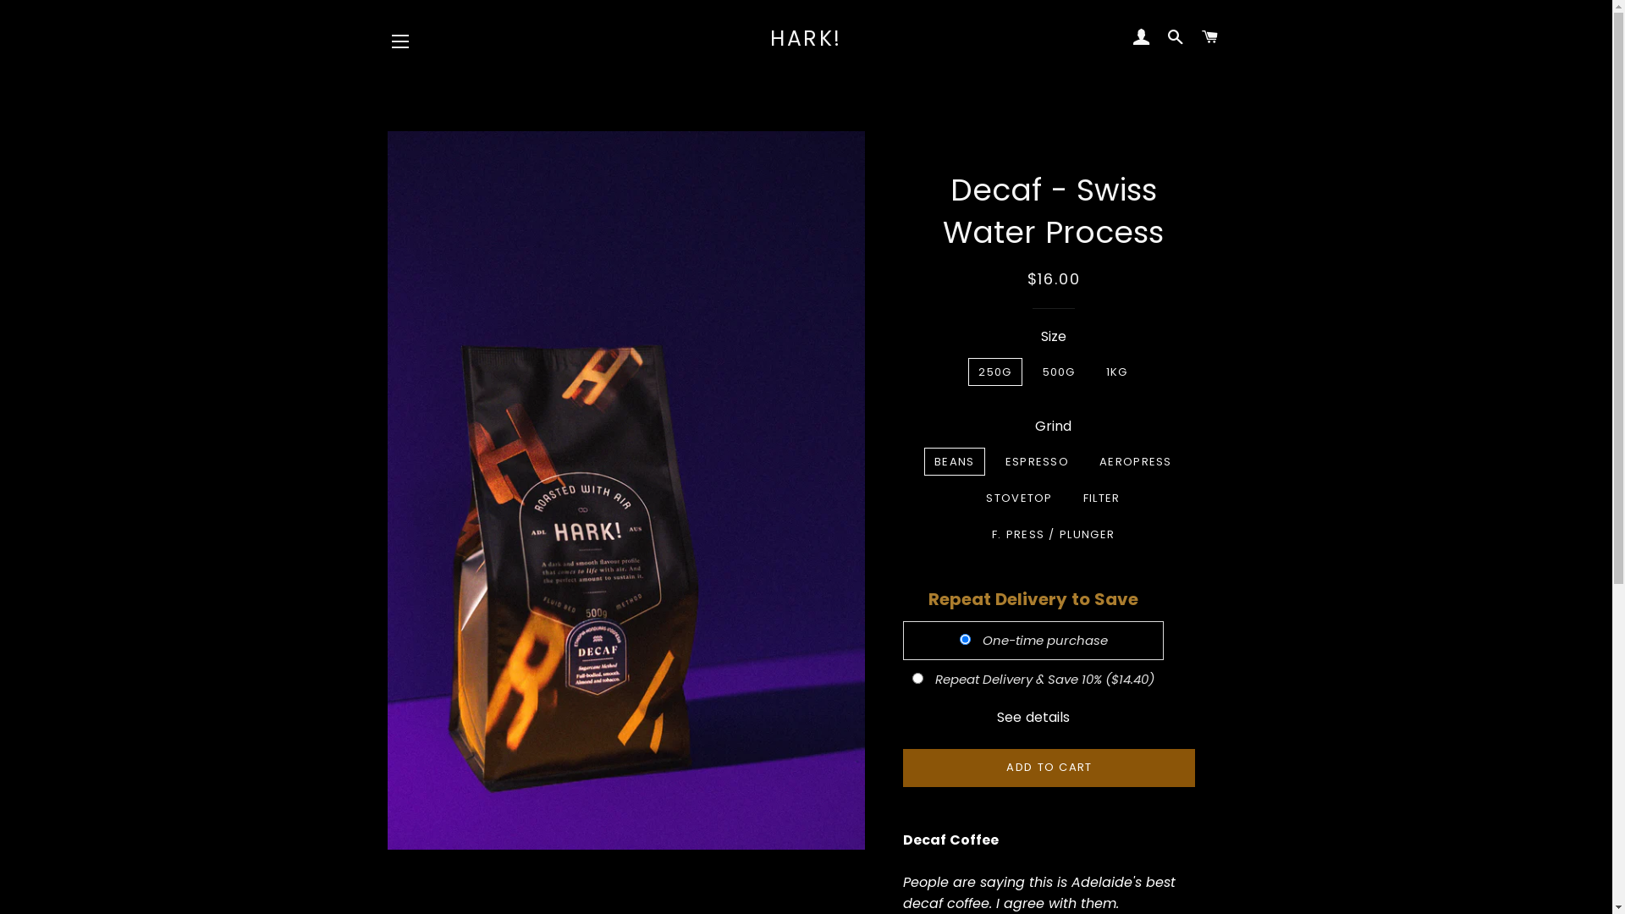 Image resolution: width=1625 pixels, height=914 pixels. What do you see at coordinates (1175, 38) in the screenshot?
I see `'SEARCH'` at bounding box center [1175, 38].